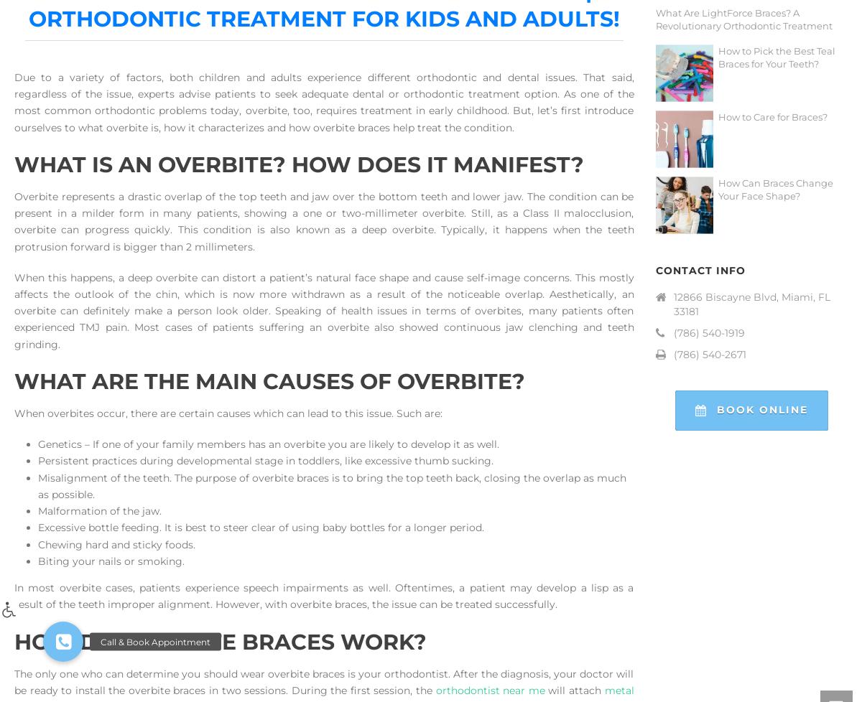 This screenshot has width=862, height=702. I want to click on 'Biting your nails or smoking.', so click(37, 560).